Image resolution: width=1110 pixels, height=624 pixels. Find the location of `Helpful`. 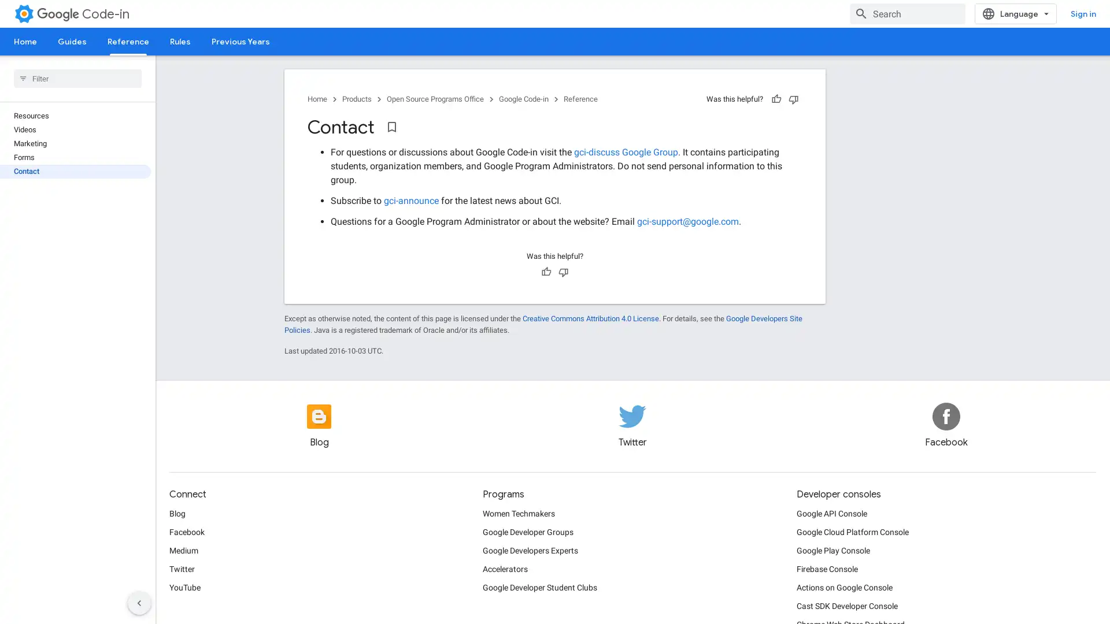

Helpful is located at coordinates (776, 99).